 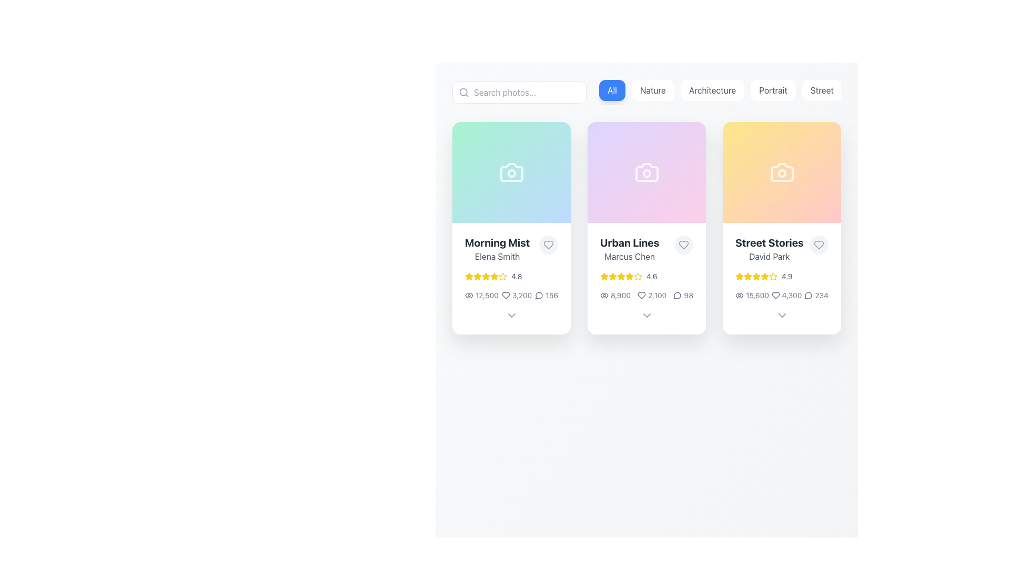 I want to click on the heart-shaped icon button in the top-right corner of the 'Morning Mist' card, so click(x=548, y=245).